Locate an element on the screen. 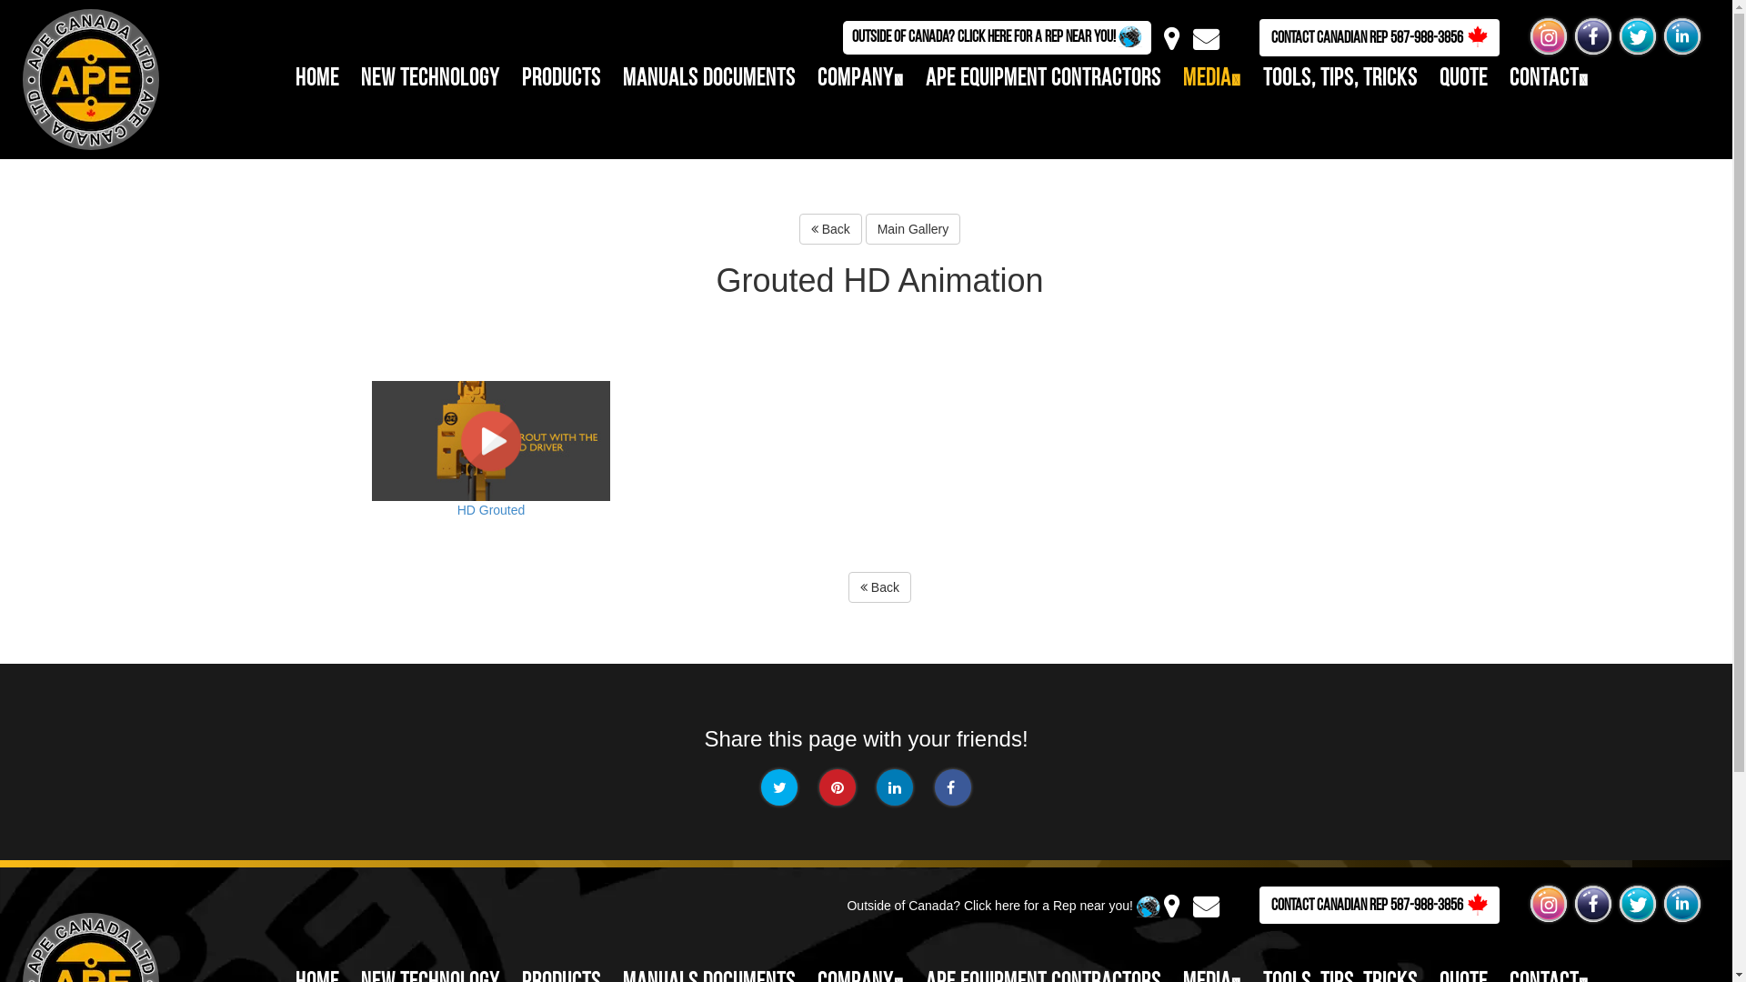 The height and width of the screenshot is (982, 1746). 'home' is located at coordinates (317, 78).